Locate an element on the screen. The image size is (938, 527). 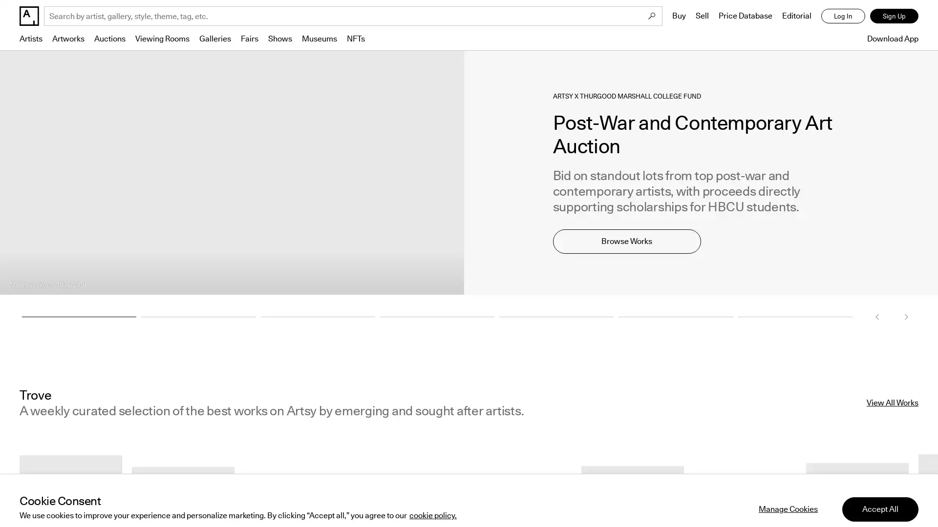
Navigate right is located at coordinates (905, 316).